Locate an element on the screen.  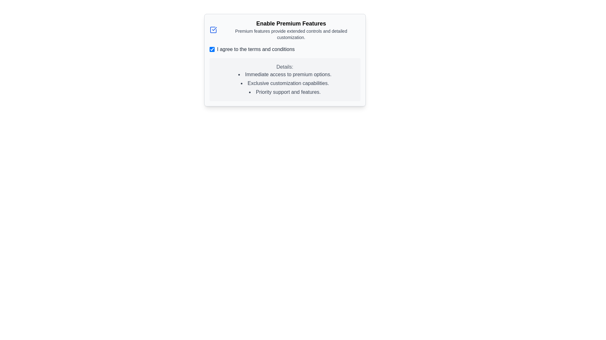
the small vector graphic icon resembling a checkmark, which is part of an SVG element and positioned in the top-center region of the interface is located at coordinates (214, 29).